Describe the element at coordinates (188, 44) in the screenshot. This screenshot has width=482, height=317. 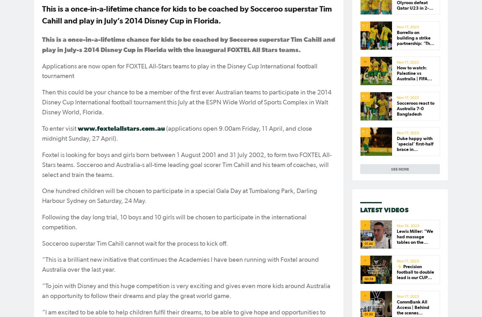
I see `'This is a once-in-a-lifetime chance for kids to be coached by Socceroo superstar Tim Cahill and play in July-s 2014 Disney Cup in Florida with the inaugural FOXTEL All Stars teams.'` at that location.